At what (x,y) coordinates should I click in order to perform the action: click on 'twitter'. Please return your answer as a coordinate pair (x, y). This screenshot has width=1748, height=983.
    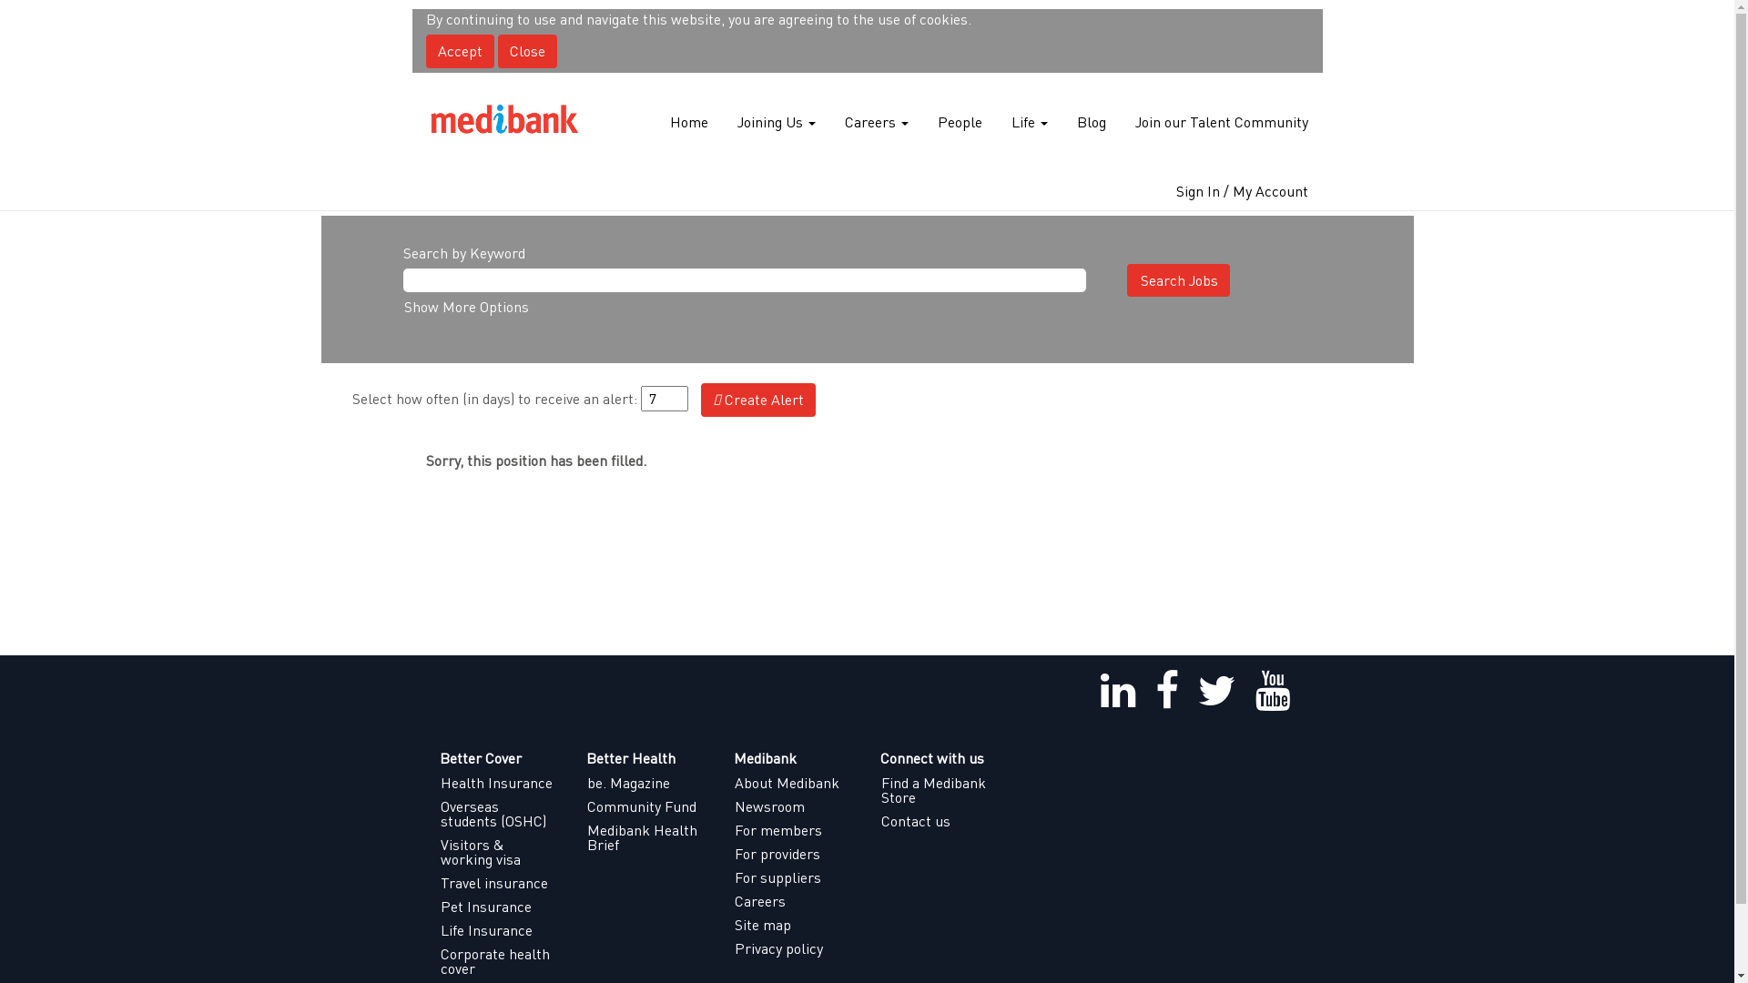
    Looking at the image, I should click on (1215, 691).